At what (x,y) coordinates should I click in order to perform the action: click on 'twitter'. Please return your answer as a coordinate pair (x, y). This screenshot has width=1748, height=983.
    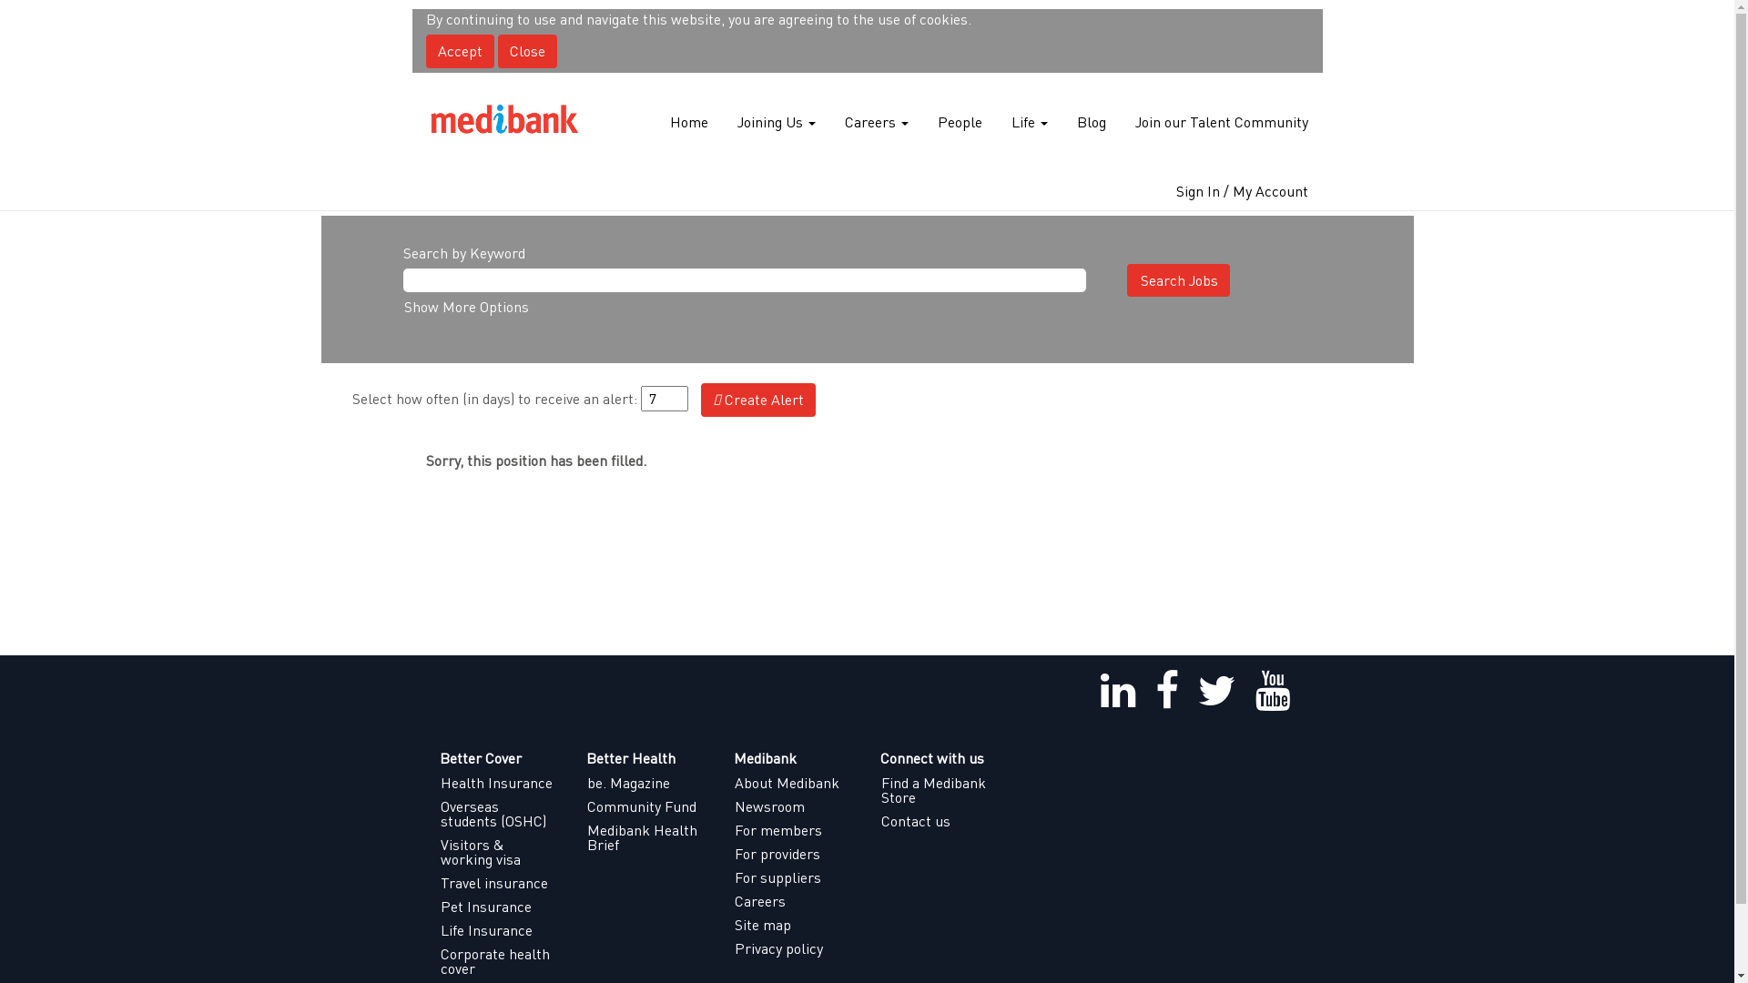
    Looking at the image, I should click on (1215, 691).